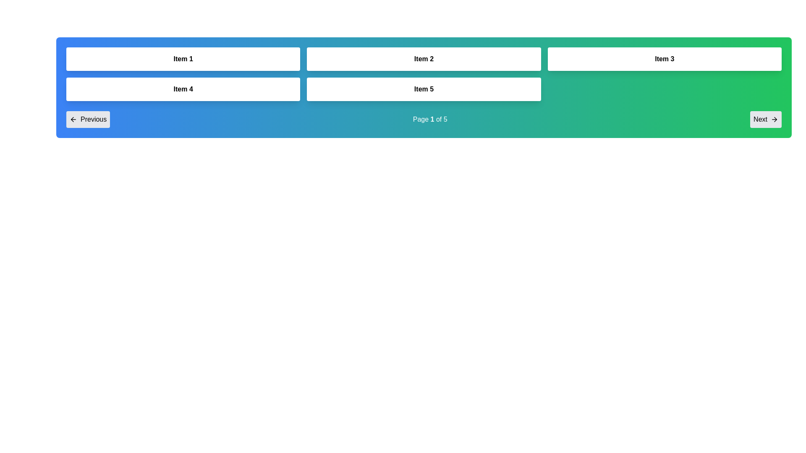  I want to click on the white card element labeled 'Item 5' located in the bottom right corner of the grid, so click(424, 89).